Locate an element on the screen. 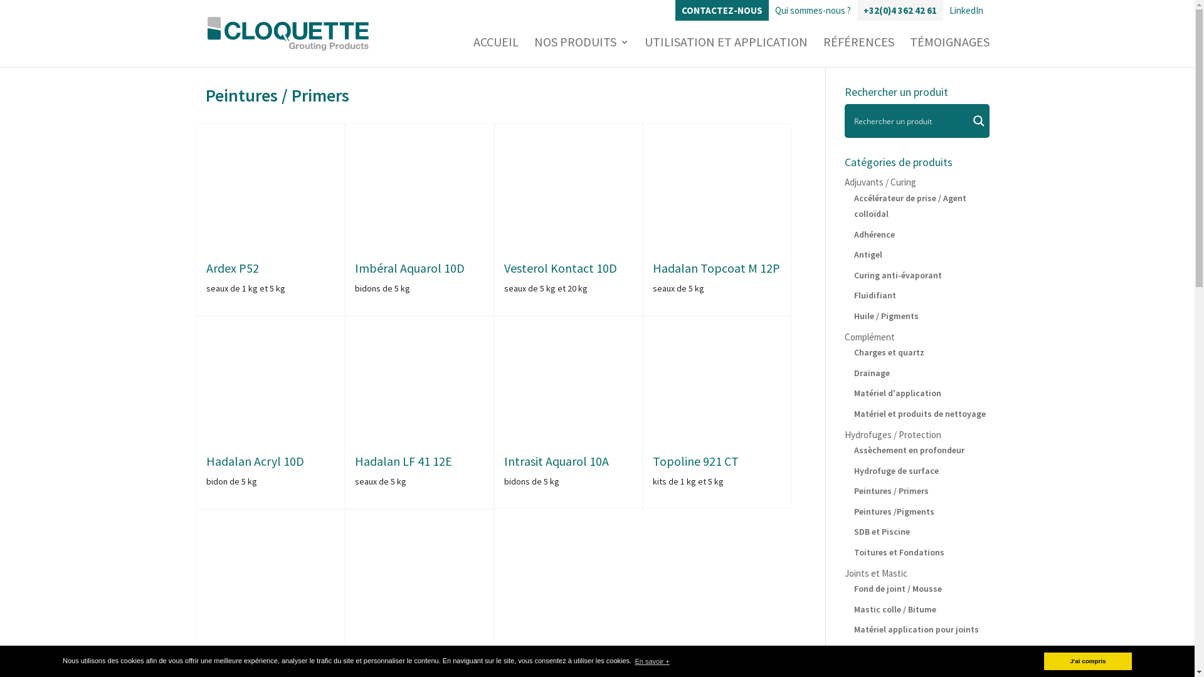 The width and height of the screenshot is (1204, 677). 'J'ai compris' is located at coordinates (1087, 661).